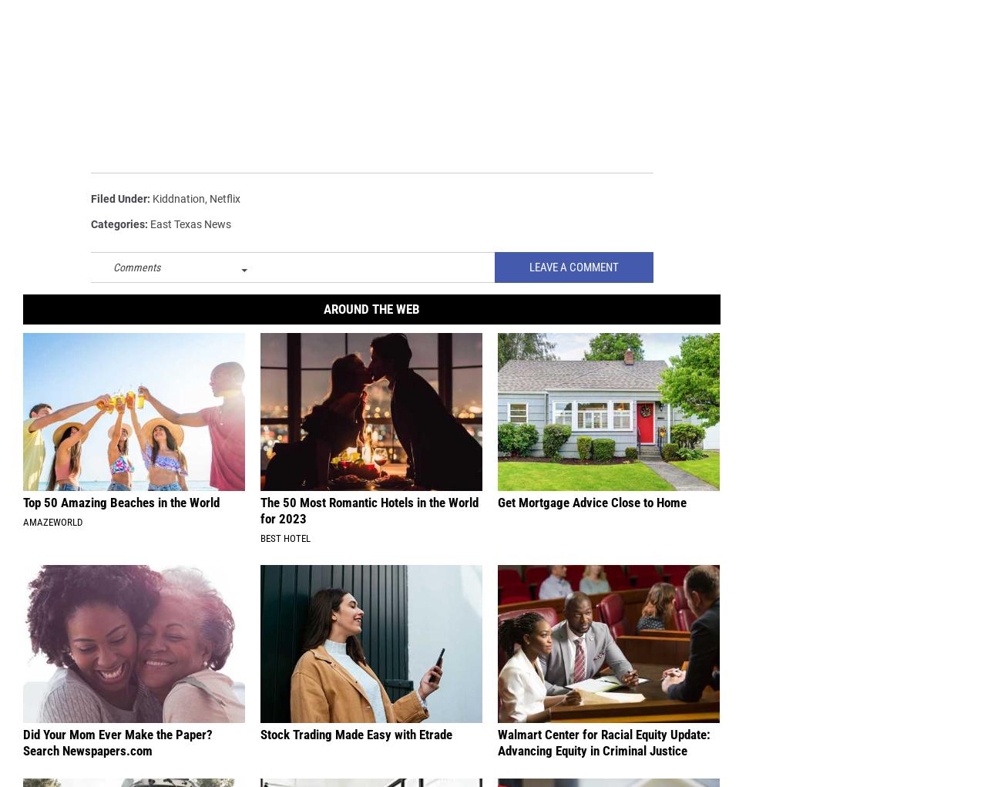  I want to click on 'Stock Trading Made Easy with Etrade', so click(355, 735).